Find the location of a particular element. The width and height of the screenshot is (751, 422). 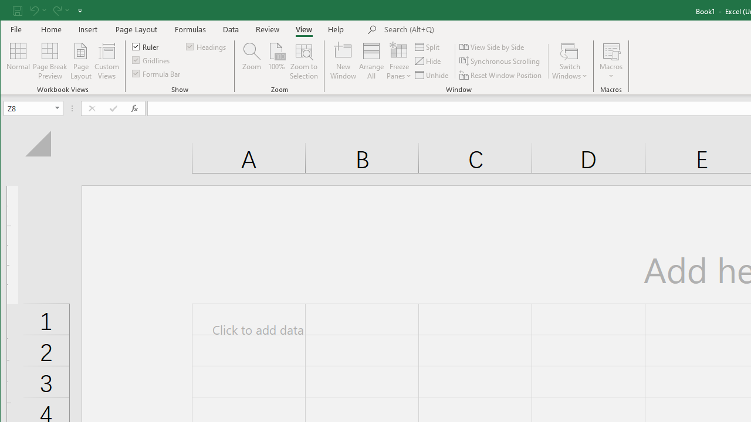

'Gridlines' is located at coordinates (151, 60).